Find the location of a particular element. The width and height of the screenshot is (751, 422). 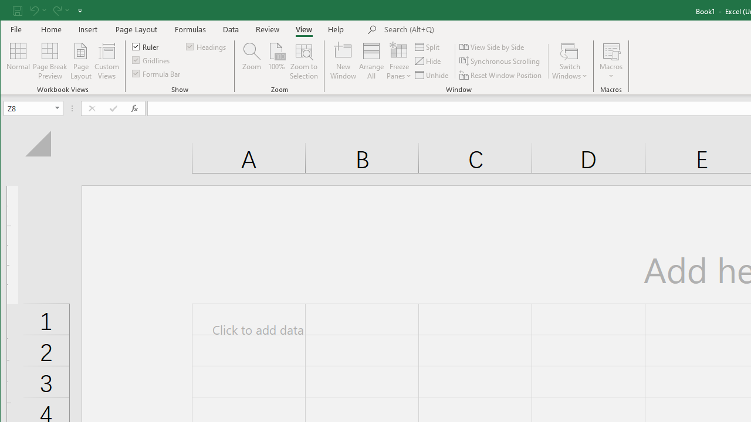

'Gridlines' is located at coordinates (151, 60).